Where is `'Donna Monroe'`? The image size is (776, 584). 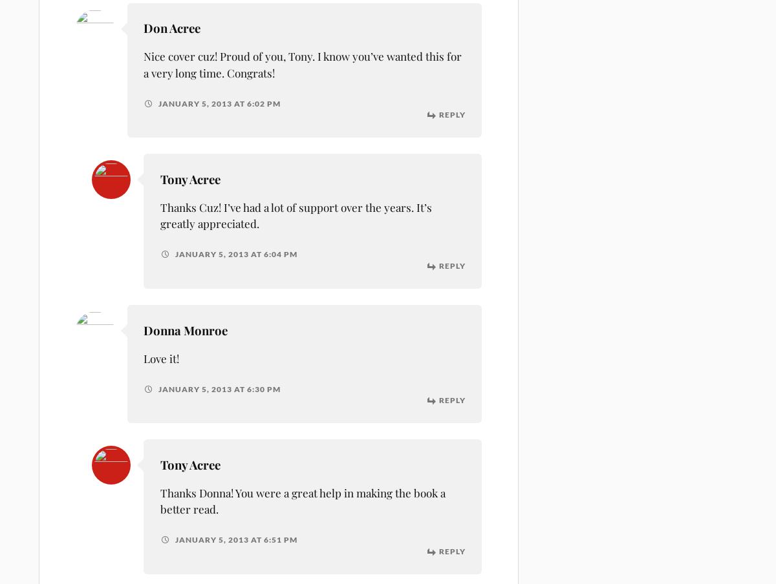 'Donna Monroe' is located at coordinates (185, 329).